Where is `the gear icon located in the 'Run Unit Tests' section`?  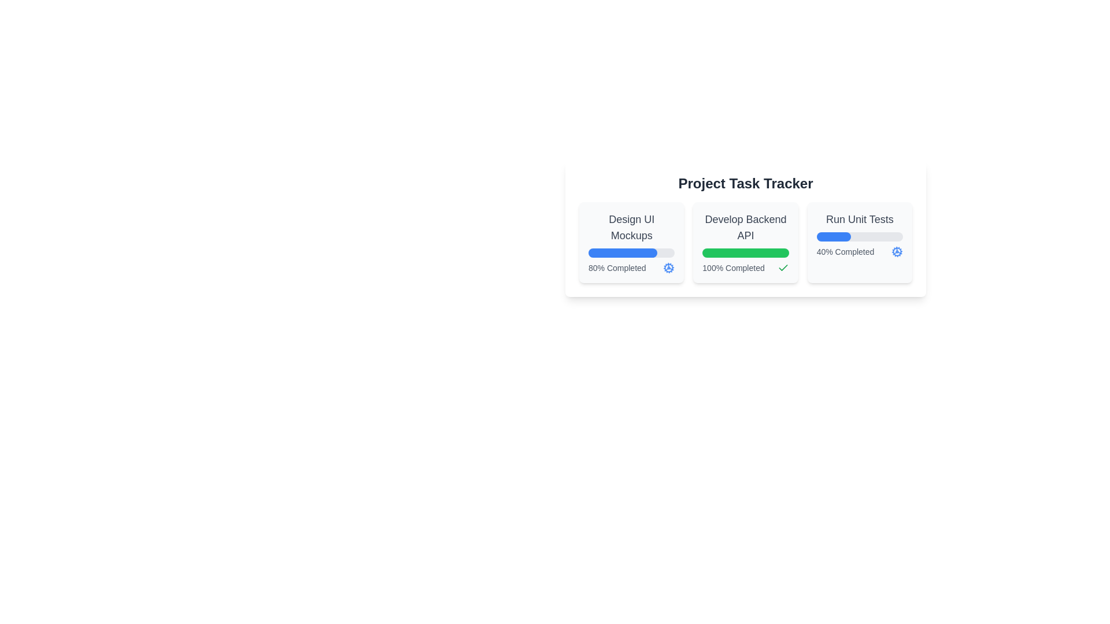 the gear icon located in the 'Run Unit Tests' section is located at coordinates (896, 251).